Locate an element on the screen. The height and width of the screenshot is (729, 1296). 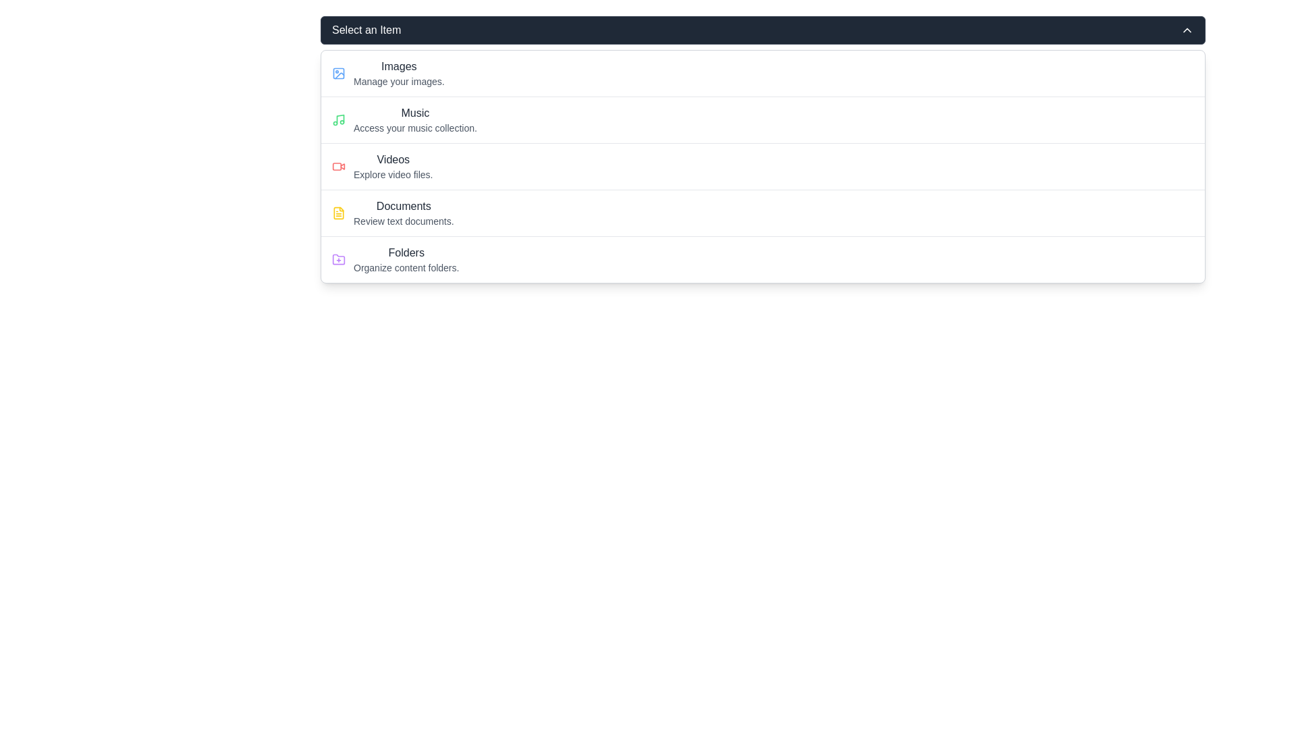
the text label providing additional information about the 'Folders' menu item, which is the second text under the 'Folders' heading in the vertically stacked menu is located at coordinates (406, 268).